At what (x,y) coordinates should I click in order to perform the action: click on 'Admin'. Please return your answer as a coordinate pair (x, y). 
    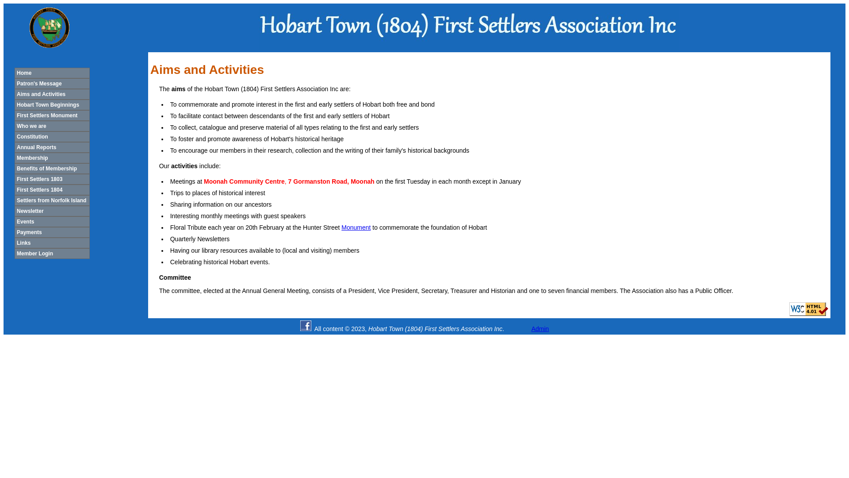
    Looking at the image, I should click on (540, 329).